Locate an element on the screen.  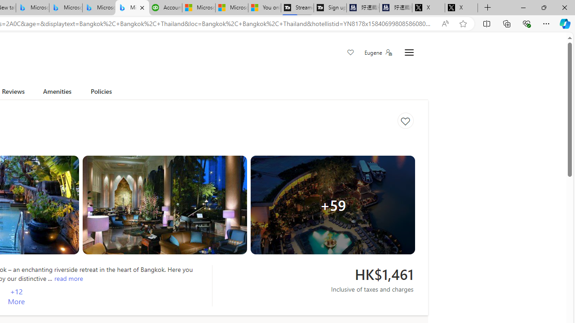
'+12 More Amenities' is located at coordinates (16, 297).